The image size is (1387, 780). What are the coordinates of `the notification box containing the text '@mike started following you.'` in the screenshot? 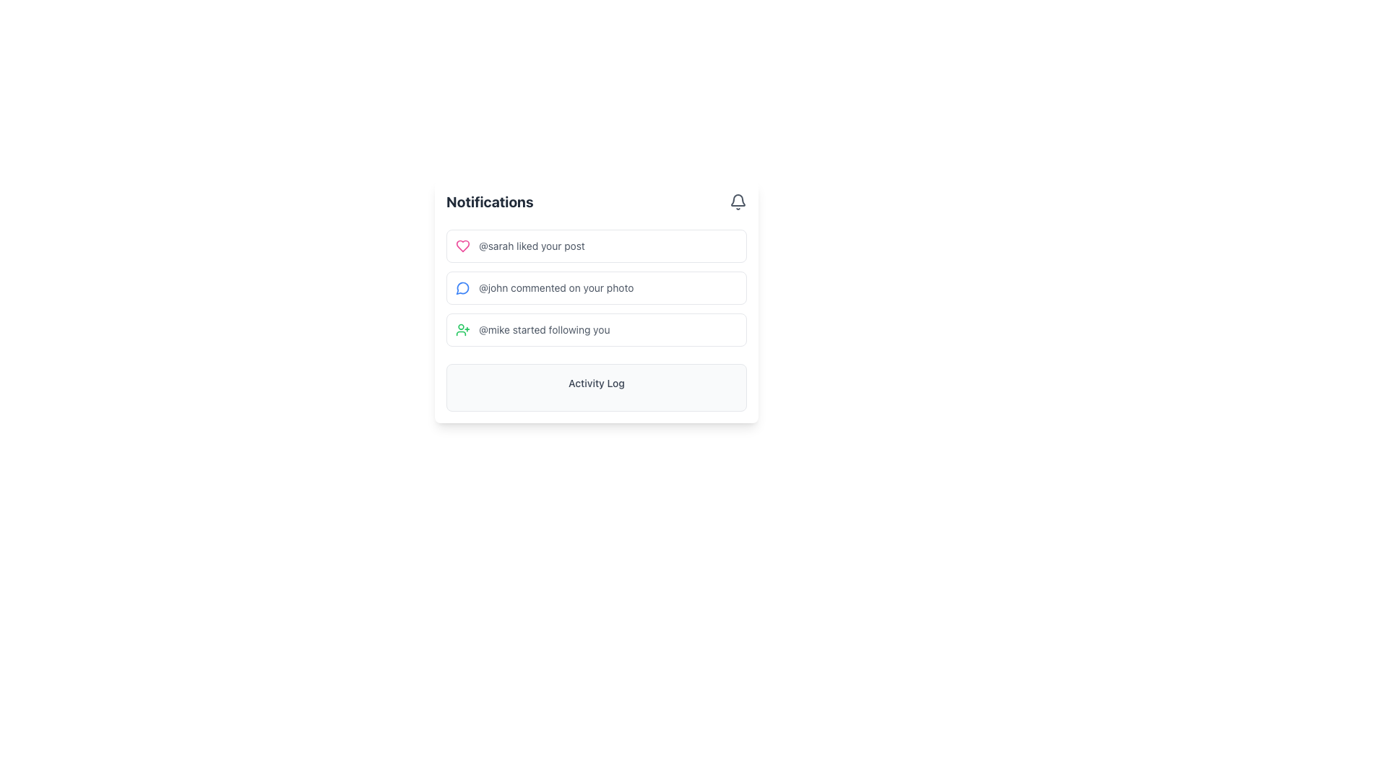 It's located at (596, 329).